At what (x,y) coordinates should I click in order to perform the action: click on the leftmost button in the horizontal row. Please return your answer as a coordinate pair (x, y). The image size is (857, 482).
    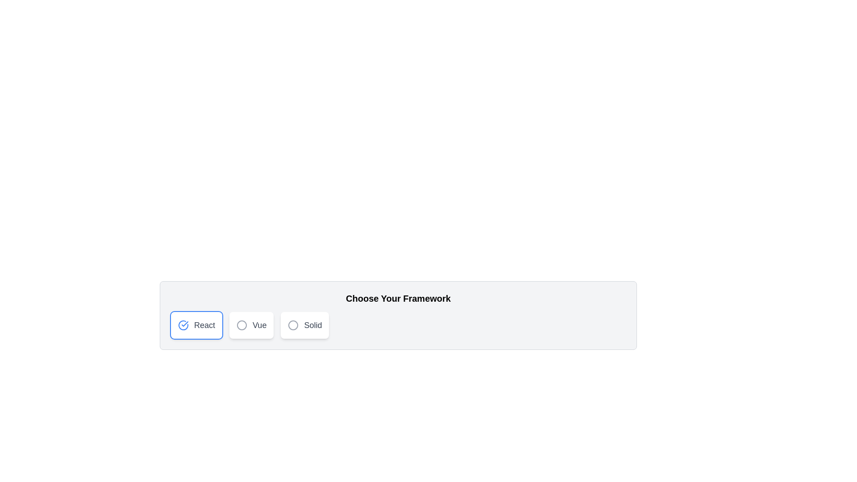
    Looking at the image, I should click on (196, 325).